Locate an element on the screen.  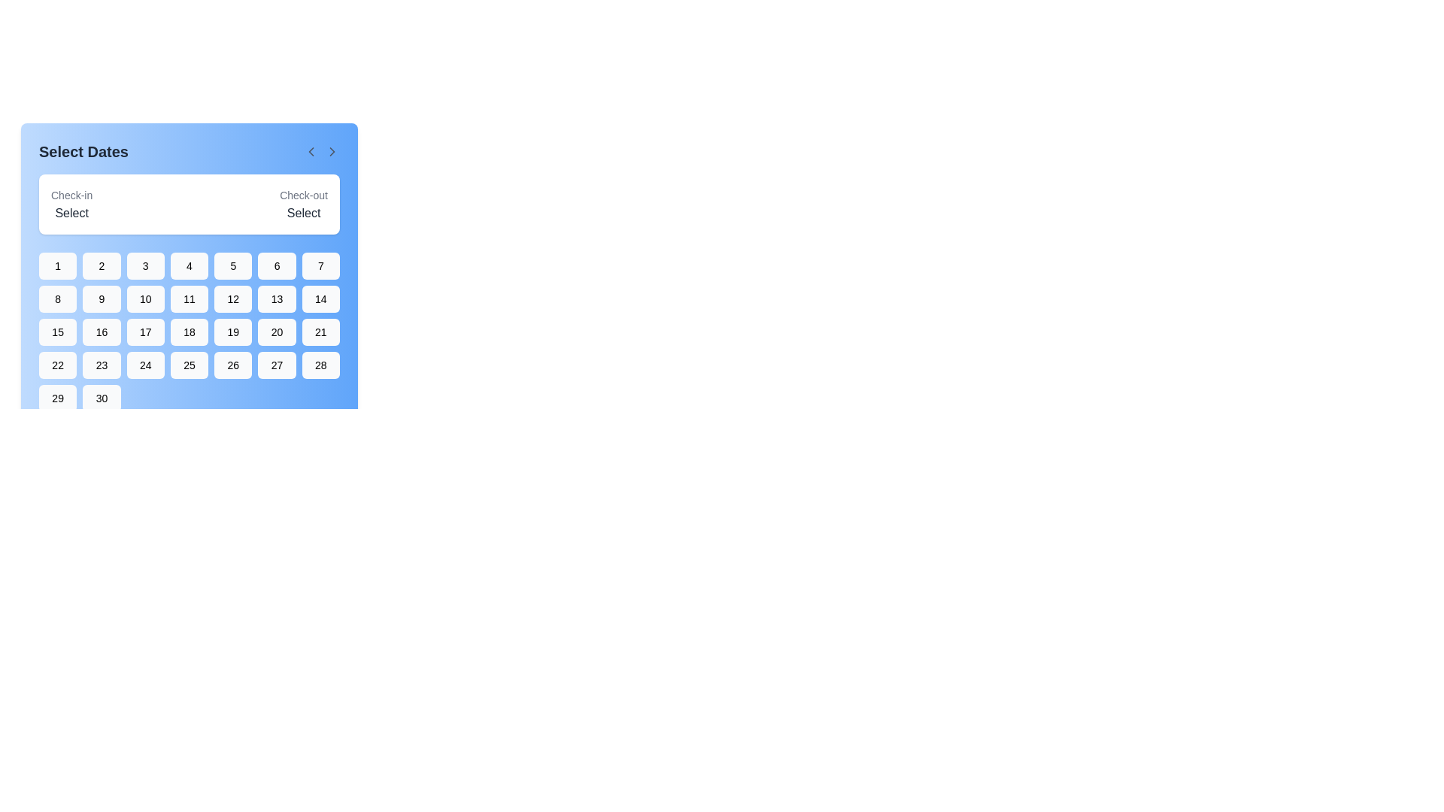
the leftward-pointing chevron icon located in the top-right corner of the calendar interface header, adjacent to the 'Select Dates' title, to observe any potential visual feedback is located at coordinates (331, 151).